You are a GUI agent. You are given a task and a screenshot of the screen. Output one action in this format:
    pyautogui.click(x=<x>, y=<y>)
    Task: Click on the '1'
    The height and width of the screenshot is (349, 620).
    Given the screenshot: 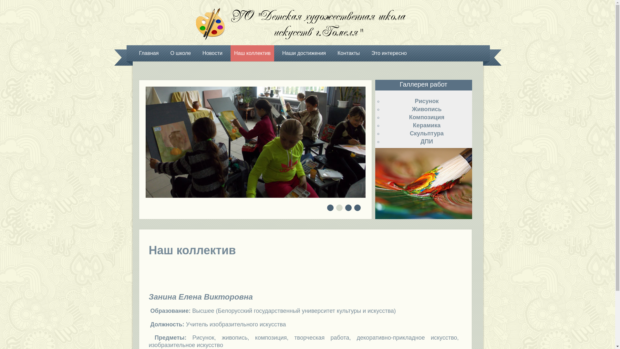 What is the action you would take?
    pyautogui.click(x=330, y=208)
    